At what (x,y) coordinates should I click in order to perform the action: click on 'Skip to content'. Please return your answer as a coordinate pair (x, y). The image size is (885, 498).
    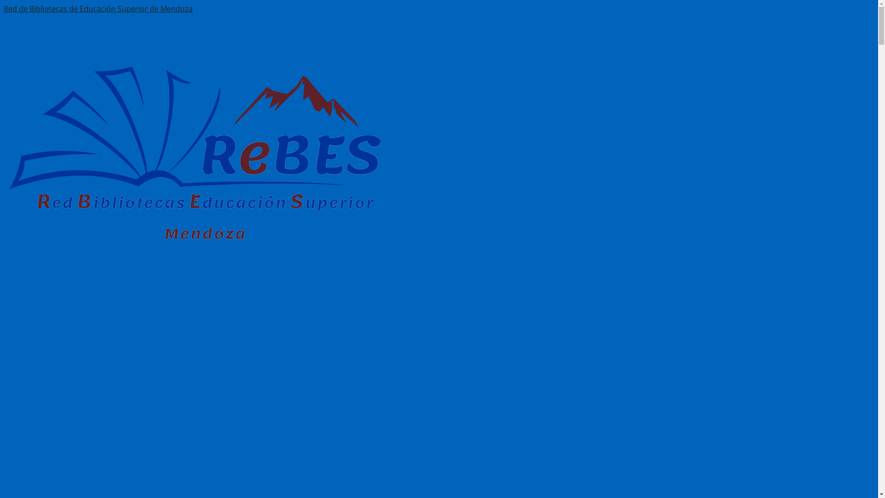
    Looking at the image, I should click on (30, 9).